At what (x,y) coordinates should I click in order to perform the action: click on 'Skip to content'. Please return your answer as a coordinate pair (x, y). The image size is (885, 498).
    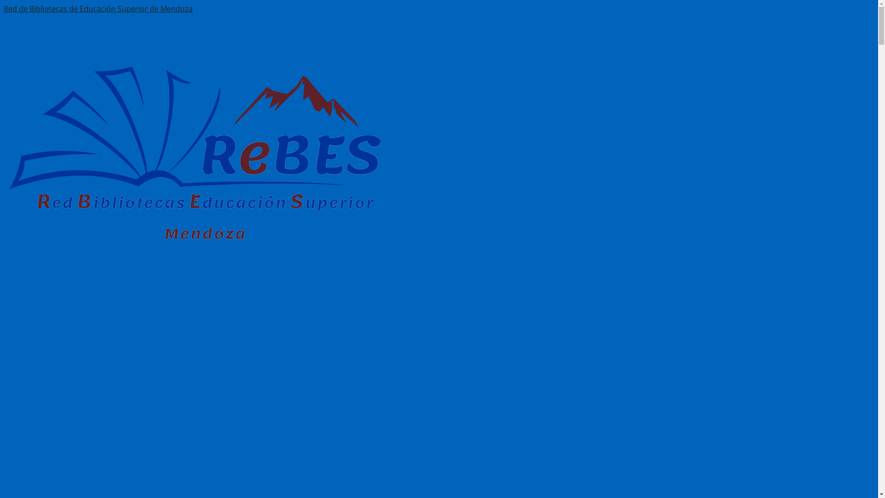
    Looking at the image, I should click on (30, 9).